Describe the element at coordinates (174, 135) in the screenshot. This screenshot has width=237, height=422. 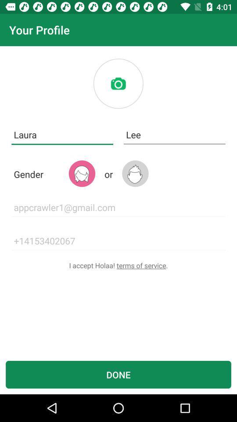
I see `the item to the right of laura` at that location.